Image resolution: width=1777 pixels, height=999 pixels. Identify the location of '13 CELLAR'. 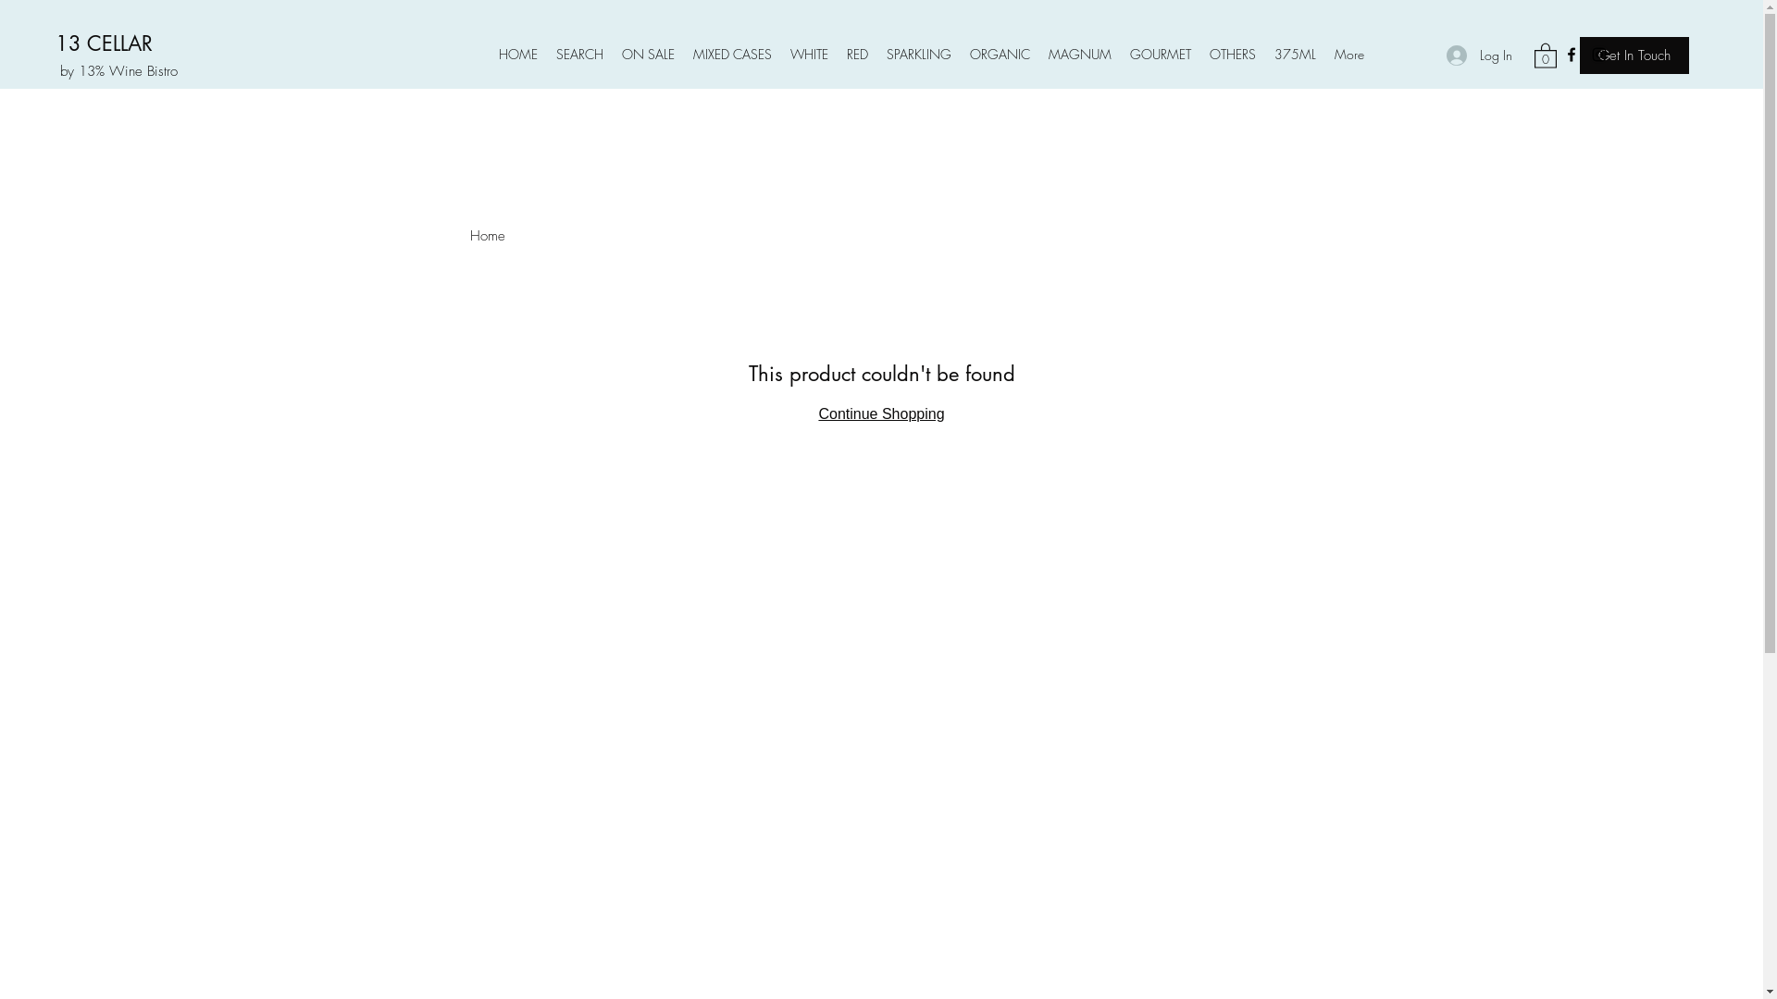
(103, 42).